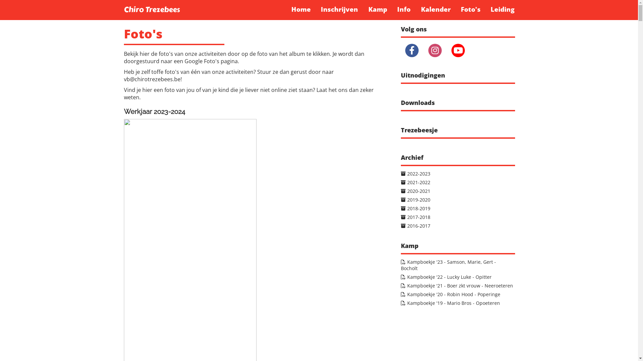 Image resolution: width=643 pixels, height=361 pixels. Describe the element at coordinates (435, 9) in the screenshot. I see `'Kalender'` at that location.